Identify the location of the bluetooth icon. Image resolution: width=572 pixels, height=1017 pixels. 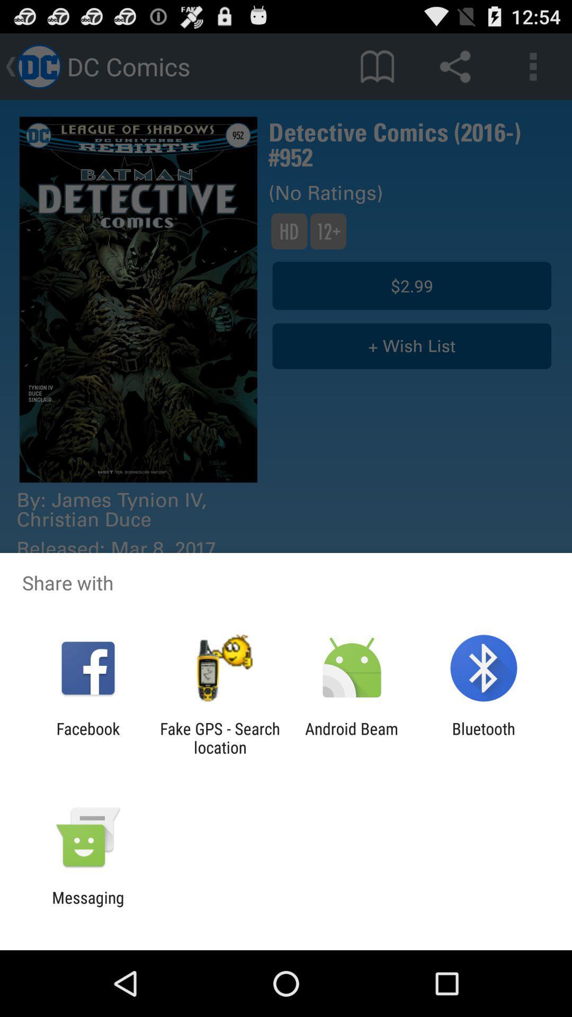
(484, 737).